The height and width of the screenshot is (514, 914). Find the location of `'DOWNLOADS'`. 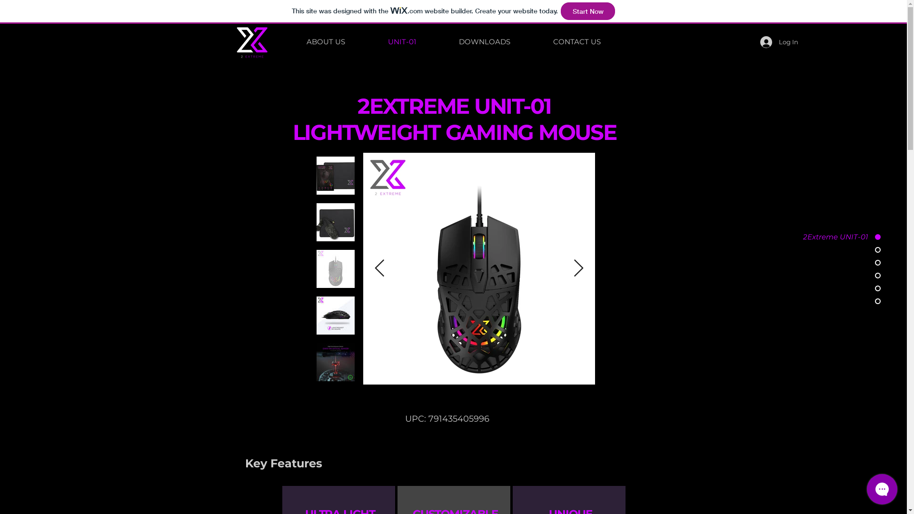

'DOWNLOADS' is located at coordinates (484, 41).